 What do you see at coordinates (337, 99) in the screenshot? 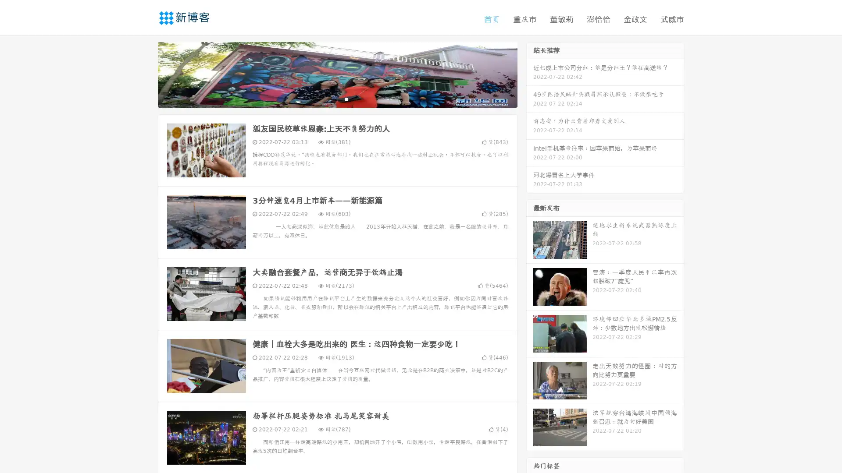
I see `Go to slide 2` at bounding box center [337, 99].